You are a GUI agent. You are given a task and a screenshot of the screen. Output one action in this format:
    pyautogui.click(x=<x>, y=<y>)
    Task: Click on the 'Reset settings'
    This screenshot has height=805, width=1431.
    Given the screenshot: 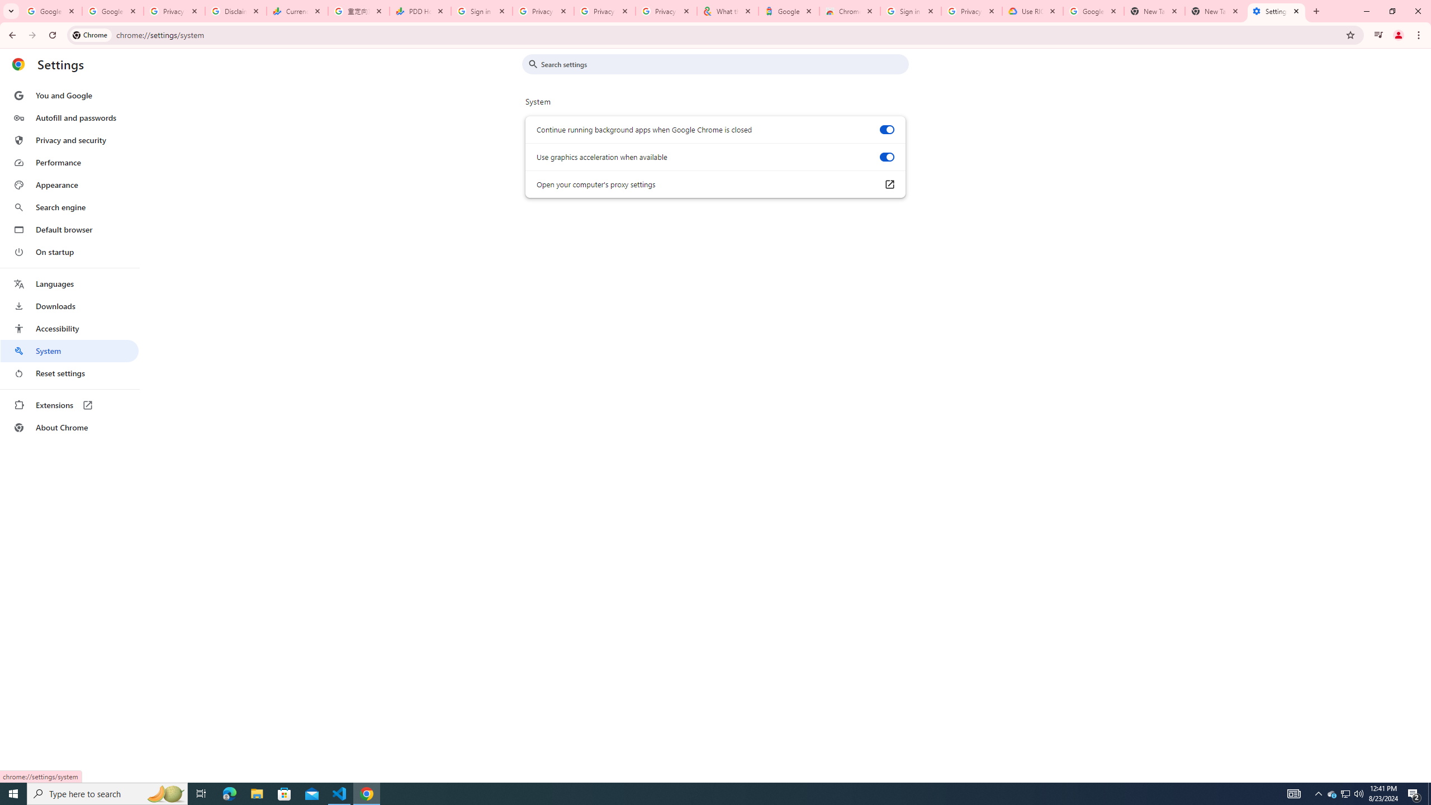 What is the action you would take?
    pyautogui.click(x=69, y=373)
    